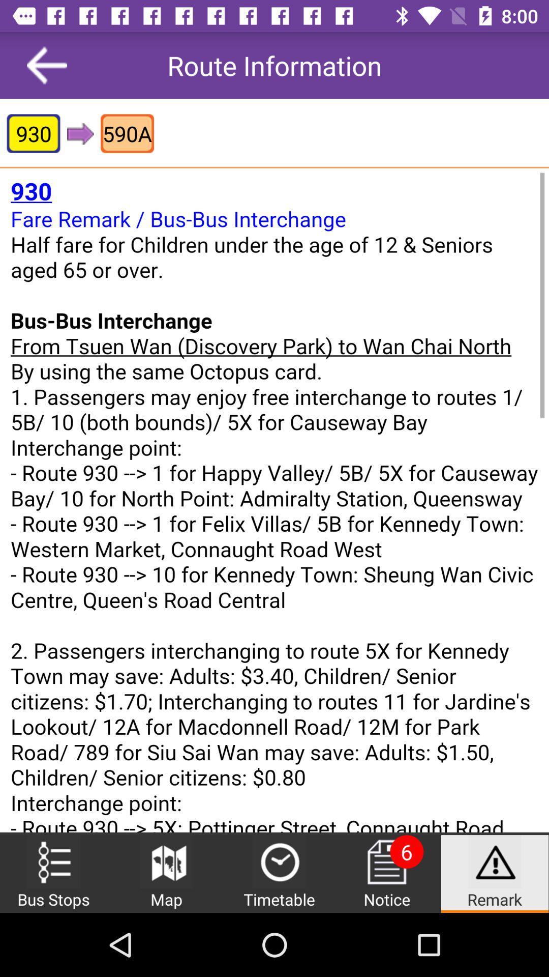  What do you see at coordinates (47, 65) in the screenshot?
I see `the arrow_backward icon` at bounding box center [47, 65].